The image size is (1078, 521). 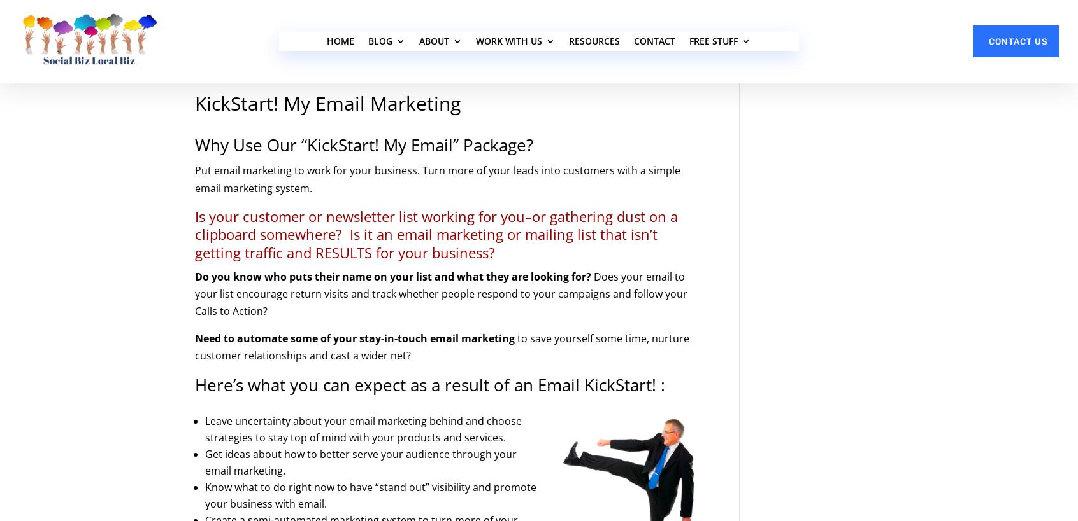 What do you see at coordinates (370, 496) in the screenshot?
I see `'Know what to do right now to have “stand out” visibility and promote your business with email.'` at bounding box center [370, 496].